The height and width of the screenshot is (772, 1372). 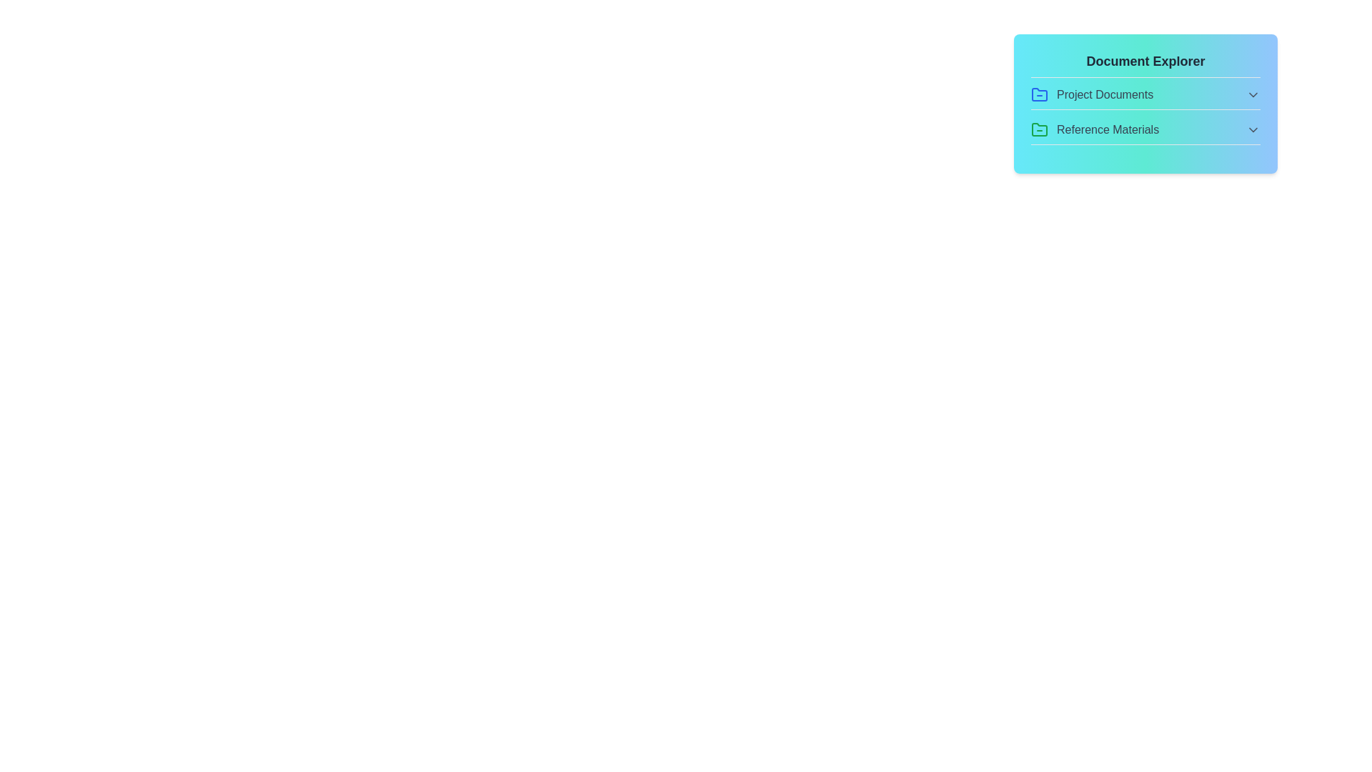 I want to click on the file API_Guidelines.pdf from the section Reference Materials, so click(x=1145, y=133).